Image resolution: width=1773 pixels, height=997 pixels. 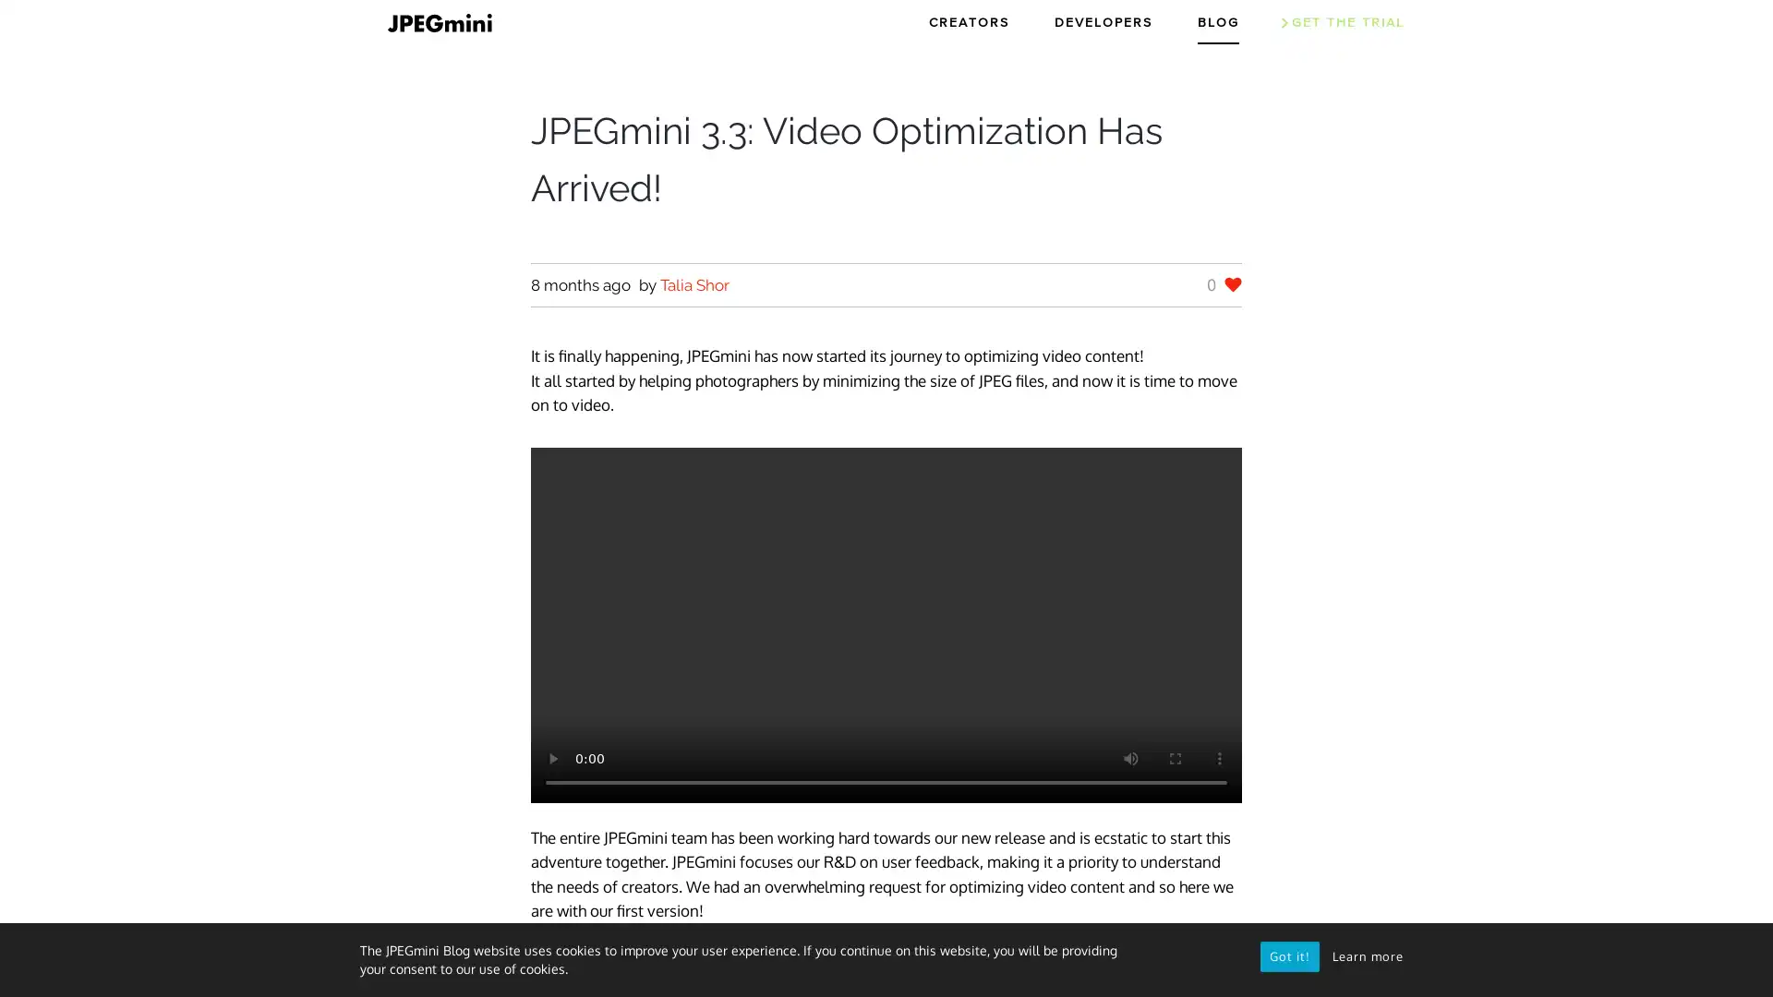 I want to click on enter full screen, so click(x=1174, y=758).